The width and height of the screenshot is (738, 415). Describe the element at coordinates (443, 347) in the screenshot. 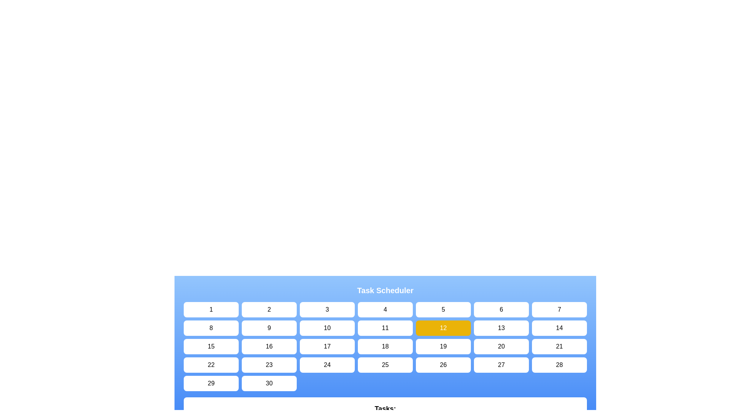

I see `the button labeled '19' which is part of a grid structure, located in the third row and fifth column. This button has a white background with black text and rounded corners, positioned below the button '12' and adjacent to buttons '18' and '20'` at that location.